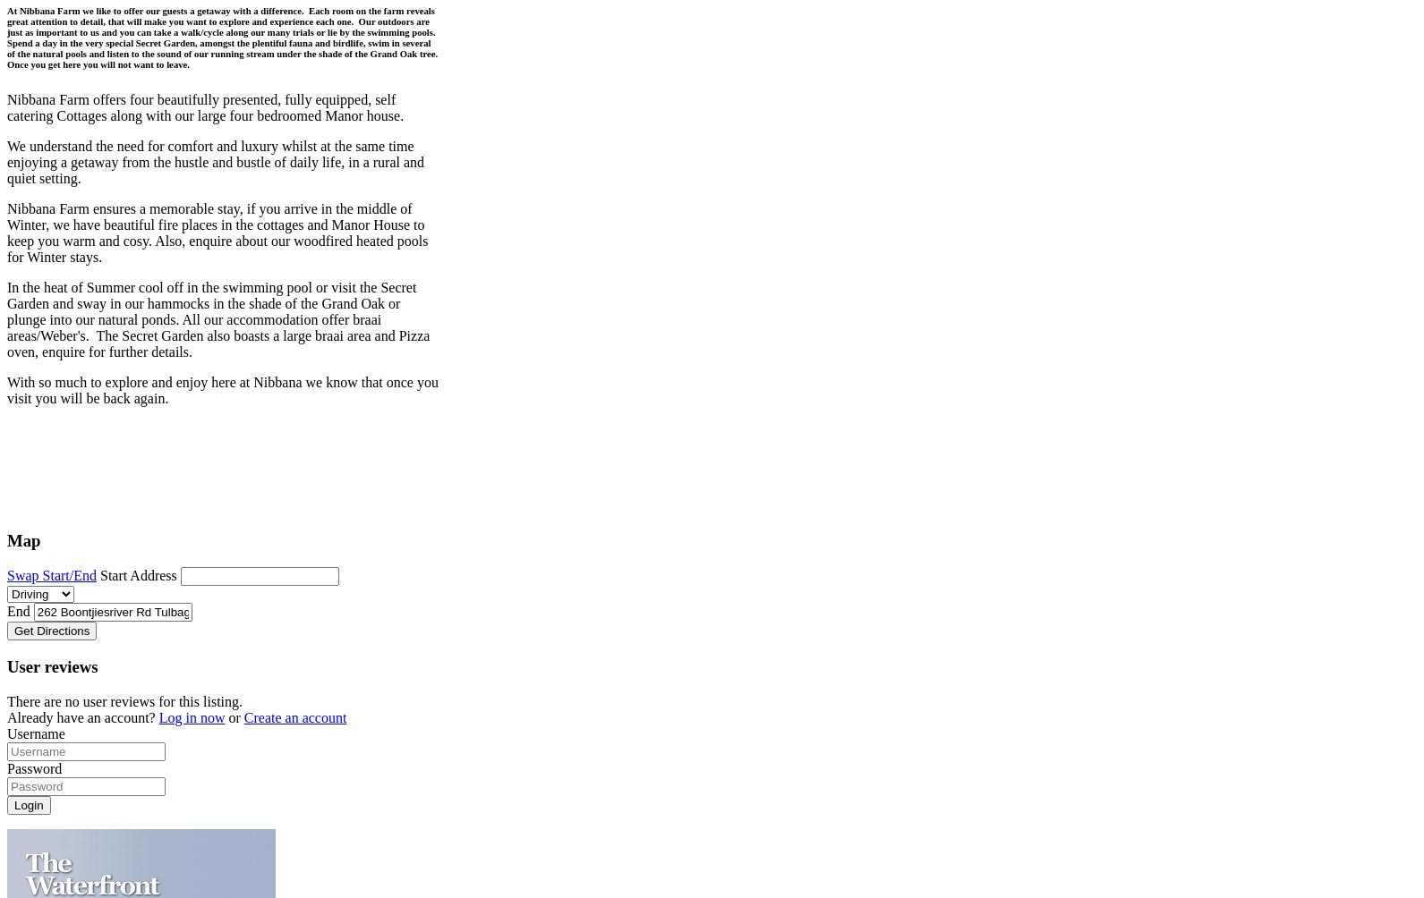 This screenshot has height=898, width=1424. What do you see at coordinates (82, 716) in the screenshot?
I see `'Already have an account?'` at bounding box center [82, 716].